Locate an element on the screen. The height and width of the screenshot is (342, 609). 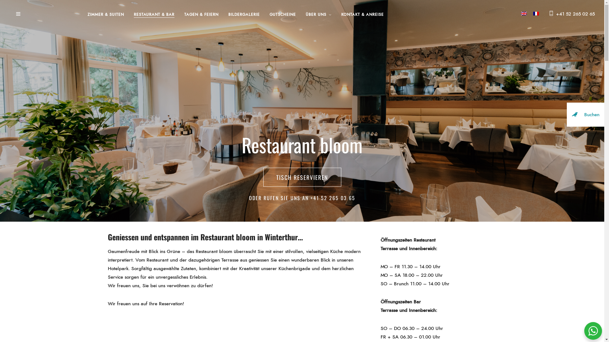
'ZIMMER & SUITEN' is located at coordinates (106, 14).